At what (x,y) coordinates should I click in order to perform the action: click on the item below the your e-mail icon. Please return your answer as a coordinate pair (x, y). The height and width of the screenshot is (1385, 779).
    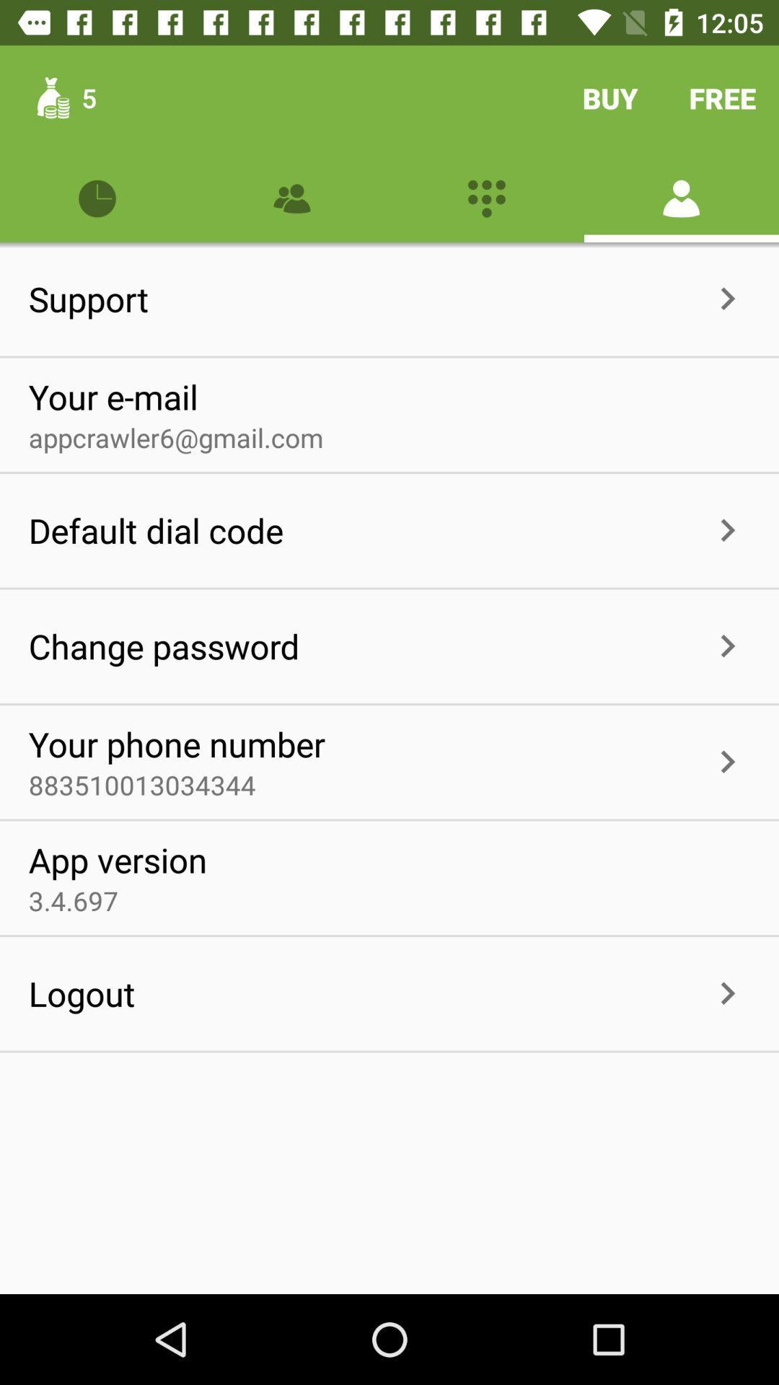
    Looking at the image, I should click on (175, 436).